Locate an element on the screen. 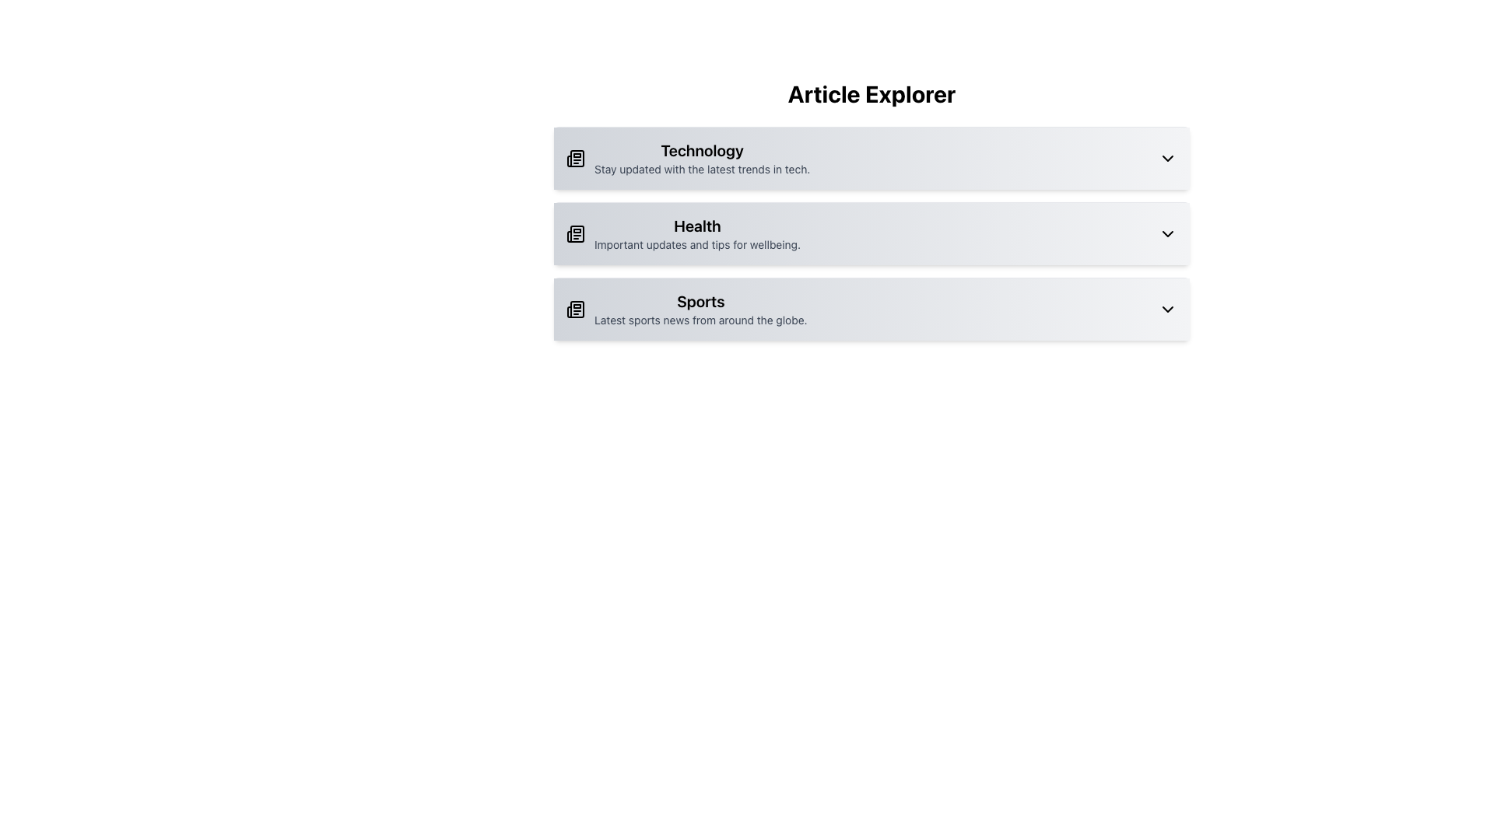  the decorative newspaper icon representing health-related news, positioned to the left of the 'Health' section heading is located at coordinates (574, 233).